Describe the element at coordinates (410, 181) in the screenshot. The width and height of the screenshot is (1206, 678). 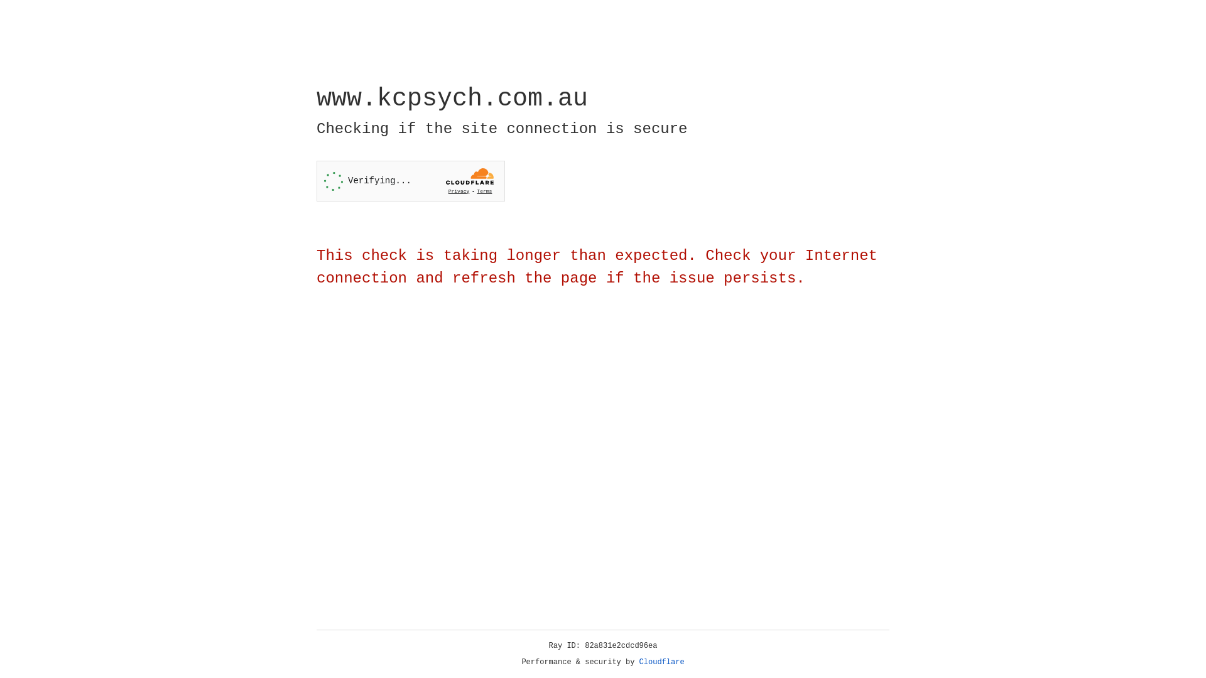
I see `'Widget containing a Cloudflare security challenge'` at that location.